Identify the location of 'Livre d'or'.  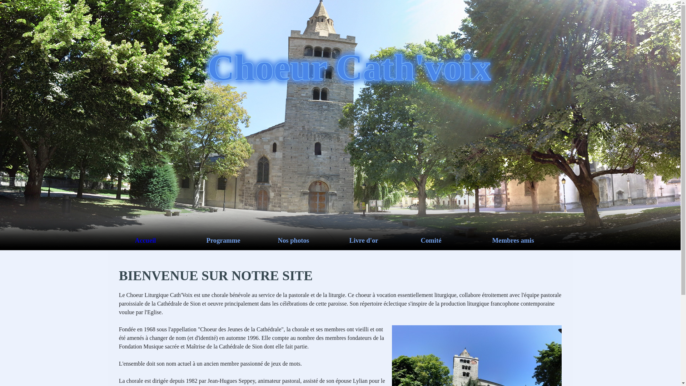
(385, 240).